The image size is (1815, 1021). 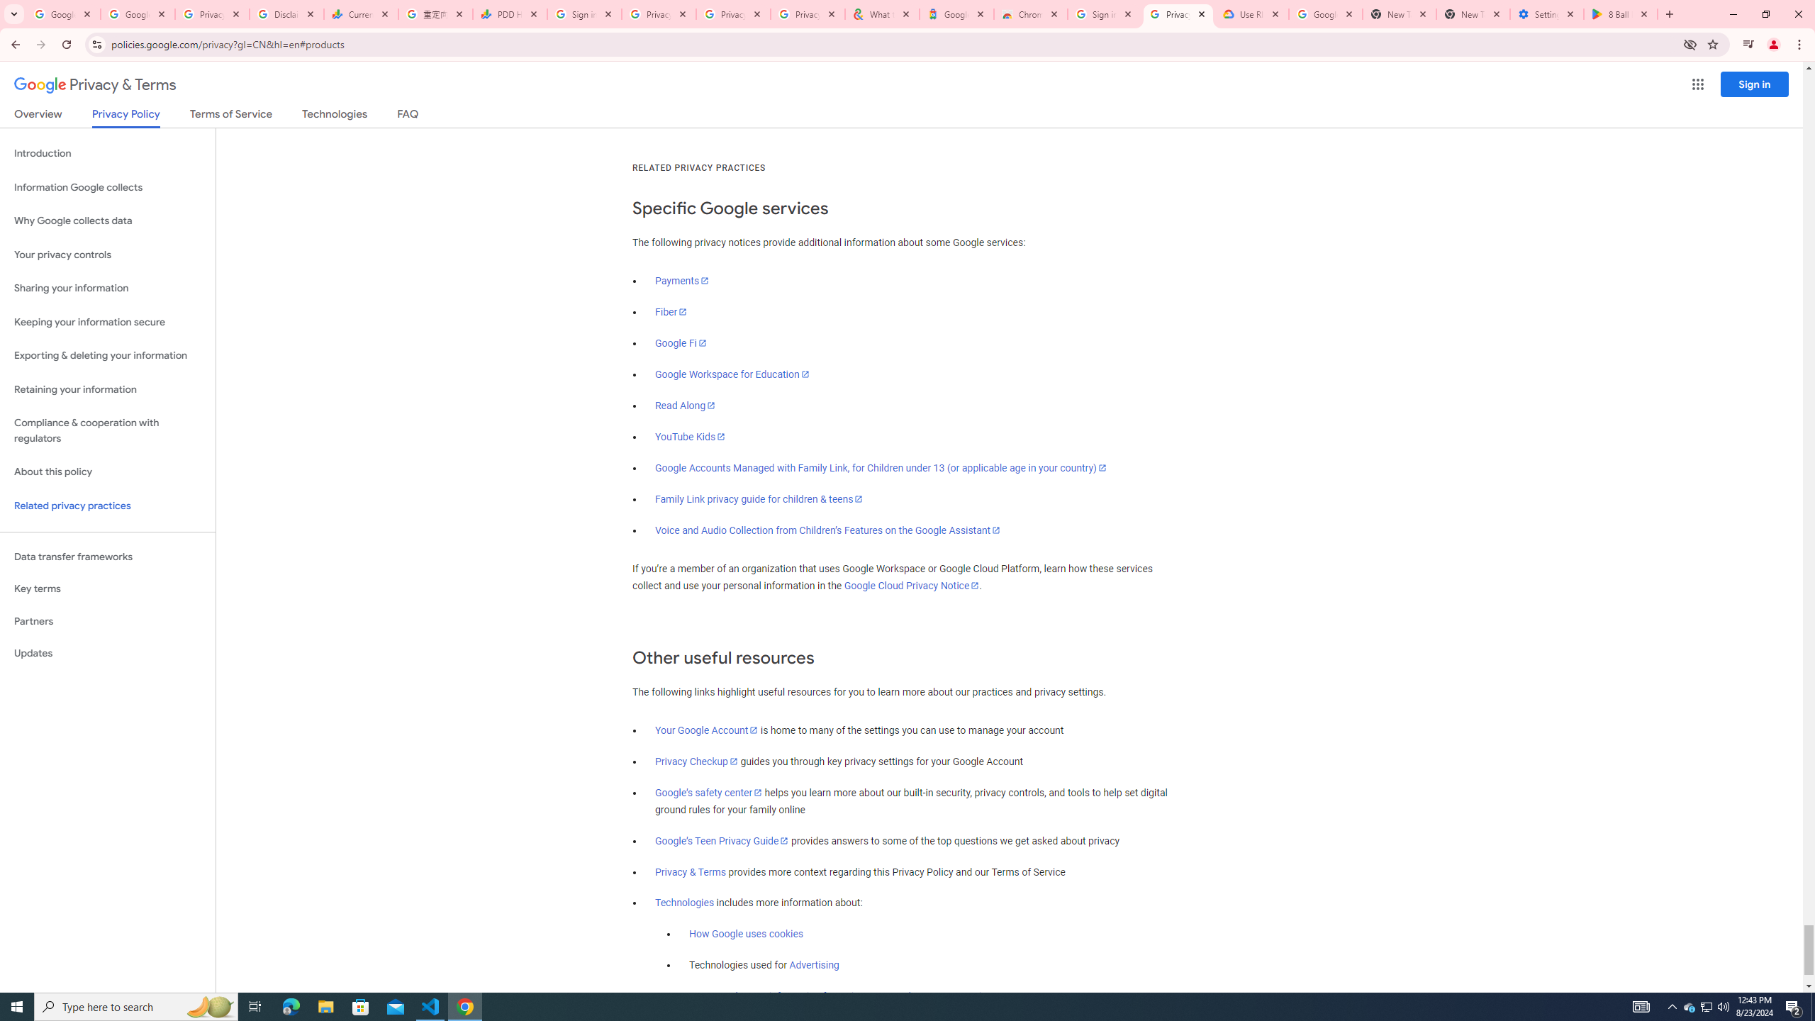 What do you see at coordinates (813, 966) in the screenshot?
I see `'Advertising'` at bounding box center [813, 966].